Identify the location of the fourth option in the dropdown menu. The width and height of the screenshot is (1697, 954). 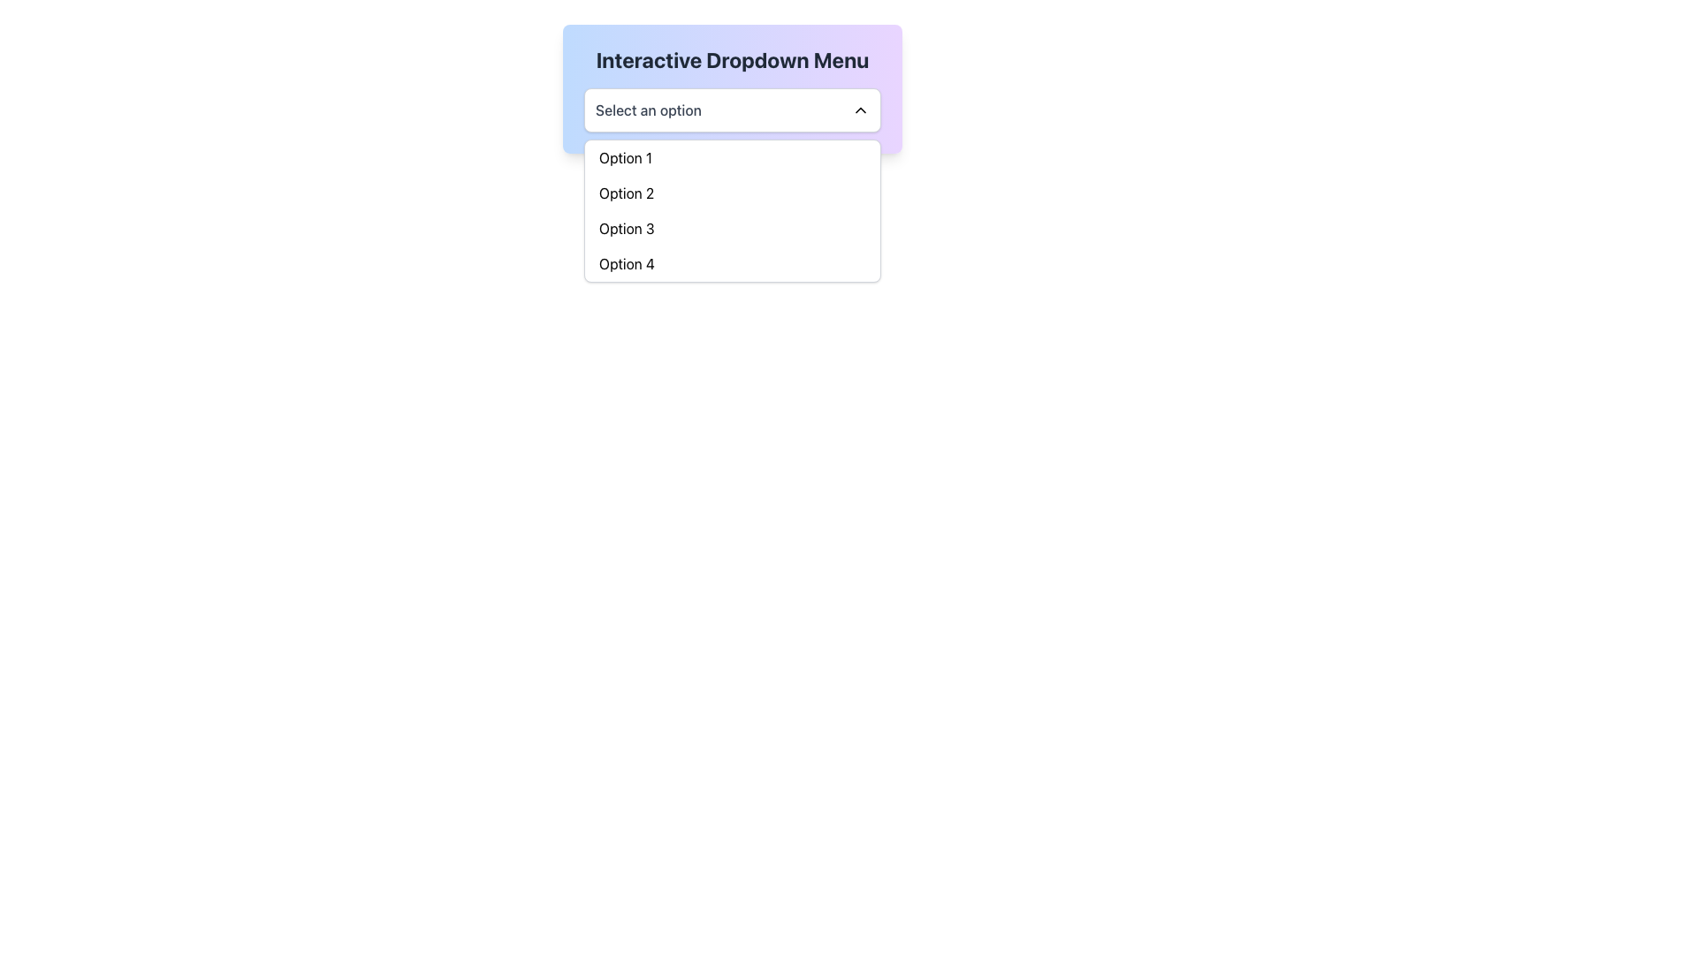
(733, 264).